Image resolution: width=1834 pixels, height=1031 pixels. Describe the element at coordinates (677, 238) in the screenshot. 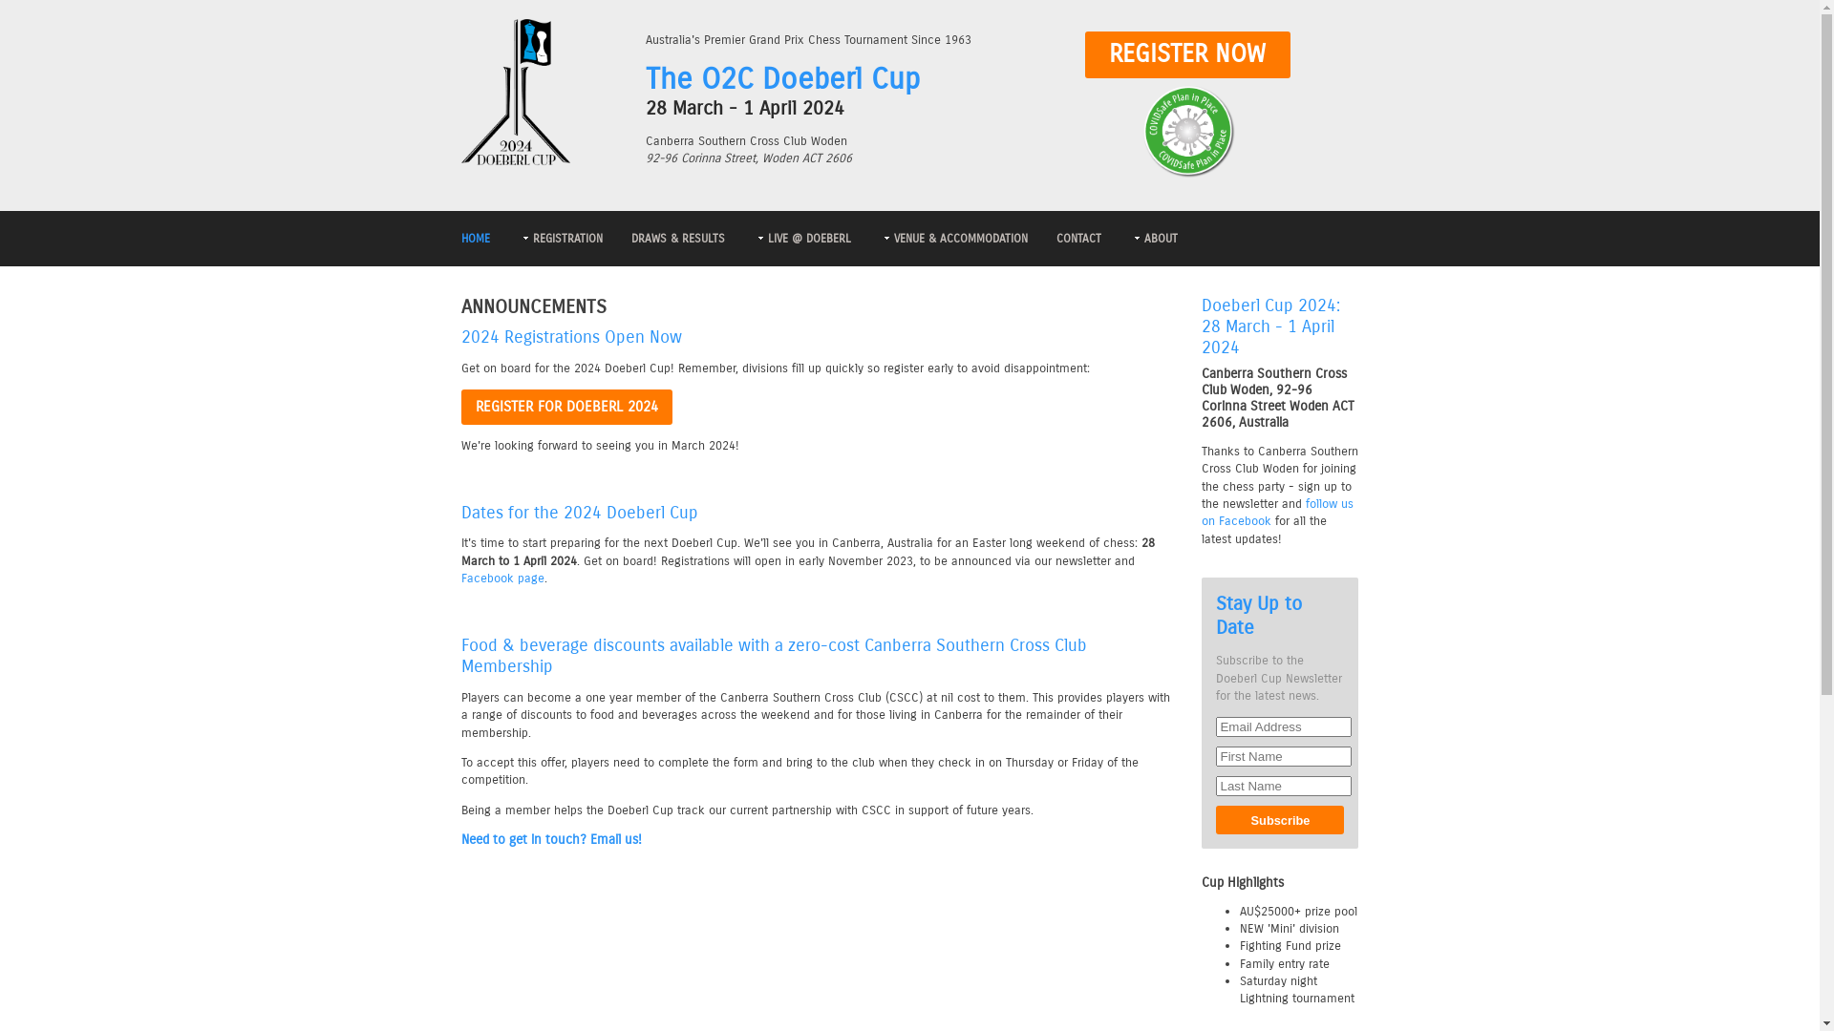

I see `'DRAWS & RESULTS'` at that location.